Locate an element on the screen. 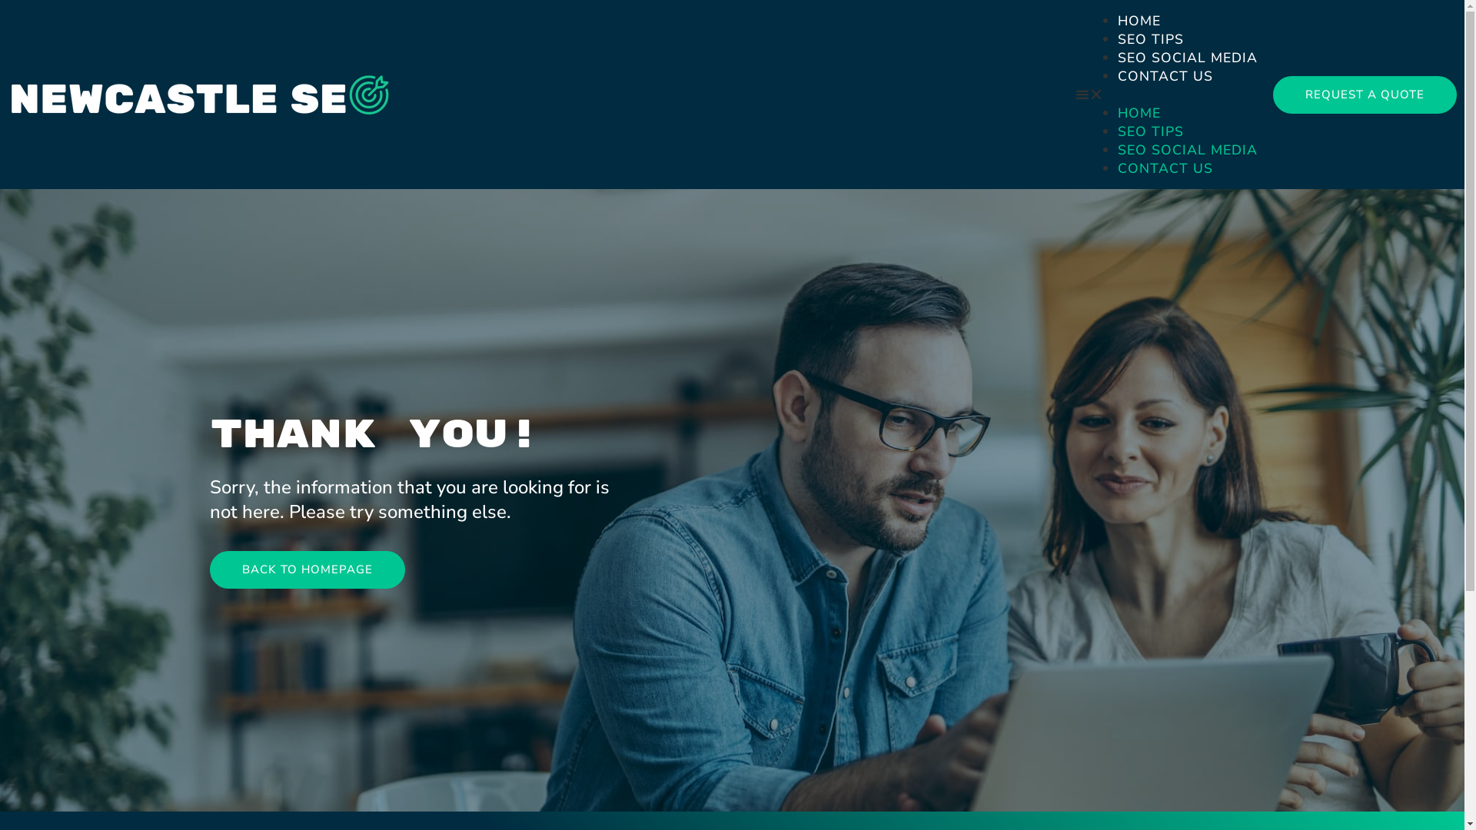 The width and height of the screenshot is (1476, 830). 'HOME' is located at coordinates (1118, 21).